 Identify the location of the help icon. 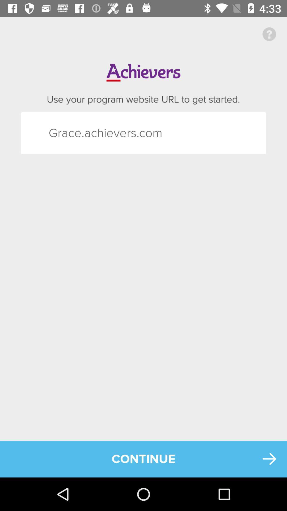
(269, 34).